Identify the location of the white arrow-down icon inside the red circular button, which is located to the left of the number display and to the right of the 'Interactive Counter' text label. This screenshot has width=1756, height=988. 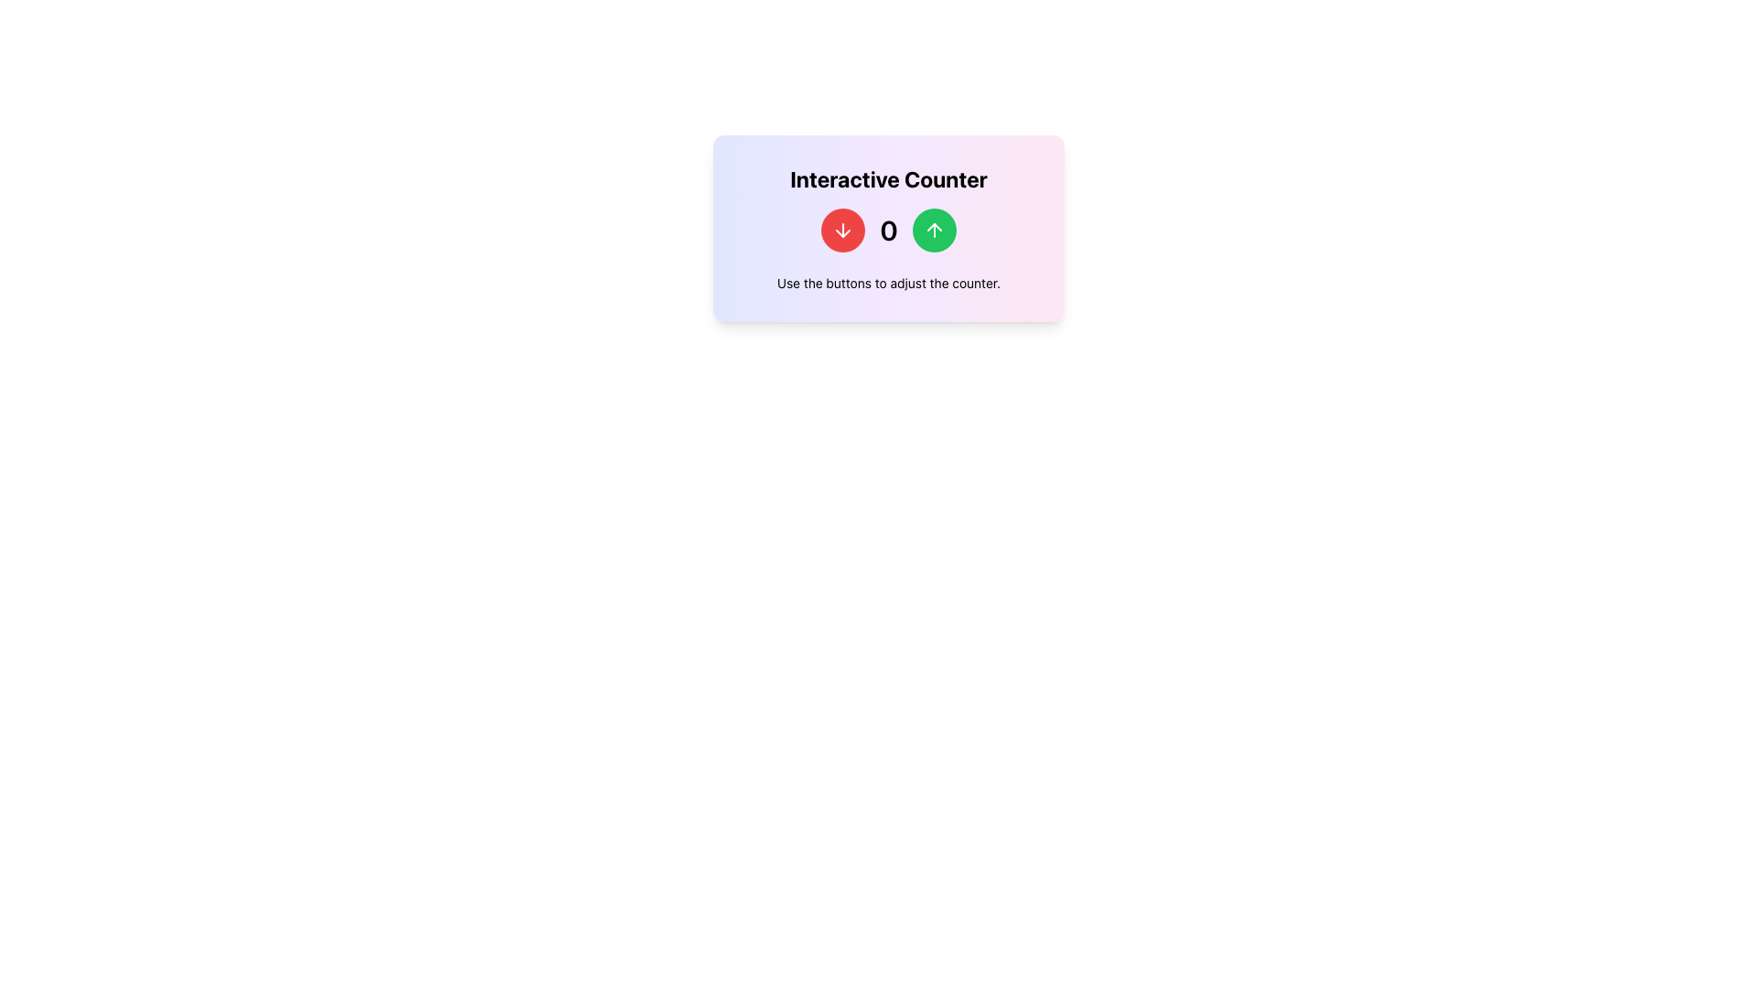
(842, 229).